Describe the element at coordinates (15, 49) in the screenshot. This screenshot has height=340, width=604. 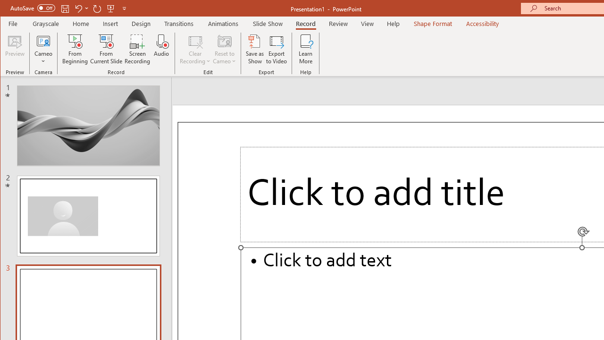
I see `'Preview'` at that location.